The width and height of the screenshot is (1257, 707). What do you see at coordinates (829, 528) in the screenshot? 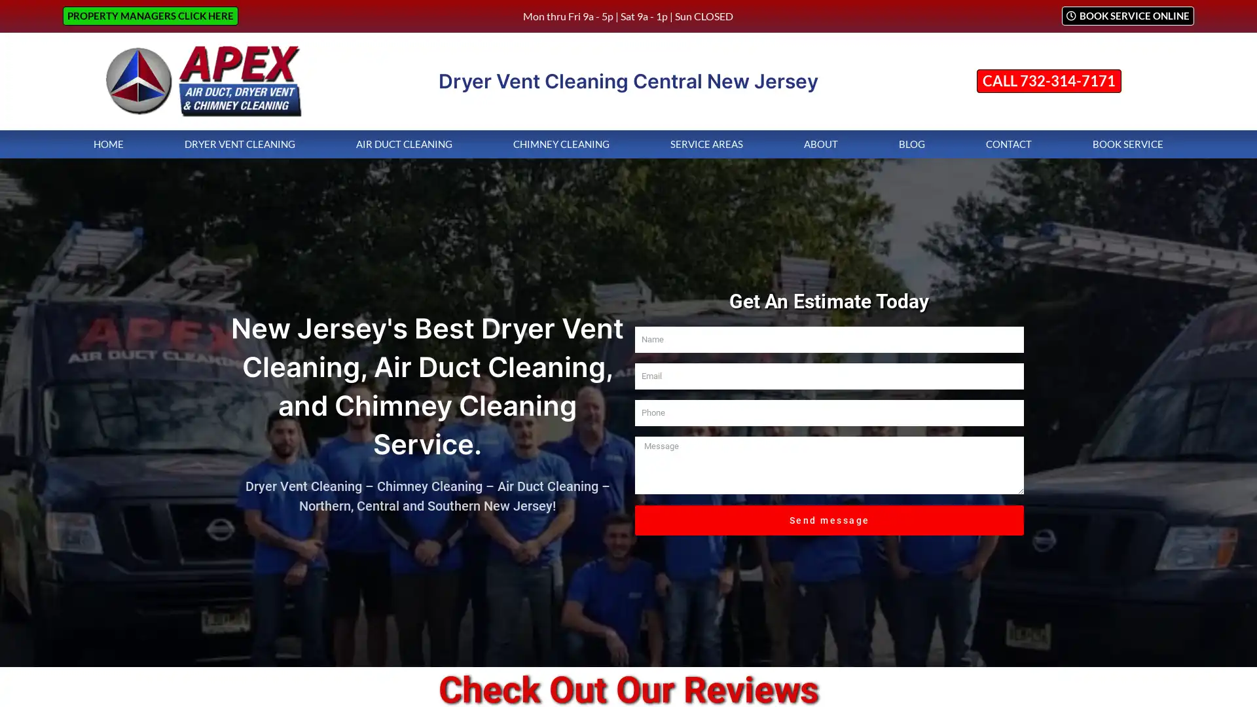
I see `Send message` at bounding box center [829, 528].